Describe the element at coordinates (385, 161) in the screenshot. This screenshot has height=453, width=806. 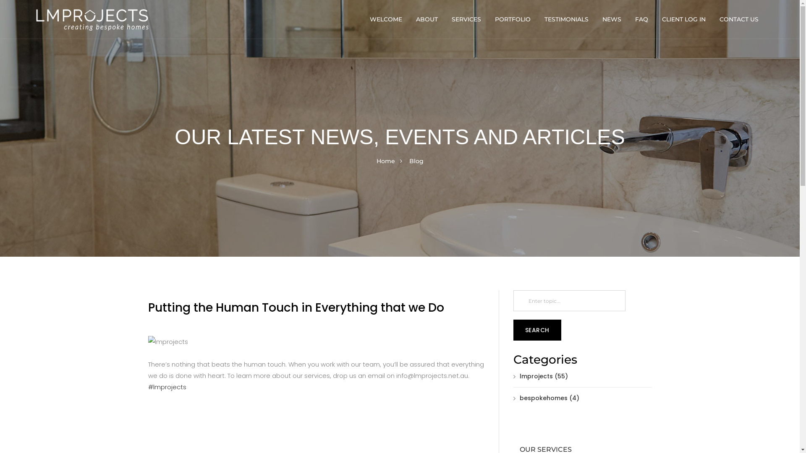
I see `'Home'` at that location.